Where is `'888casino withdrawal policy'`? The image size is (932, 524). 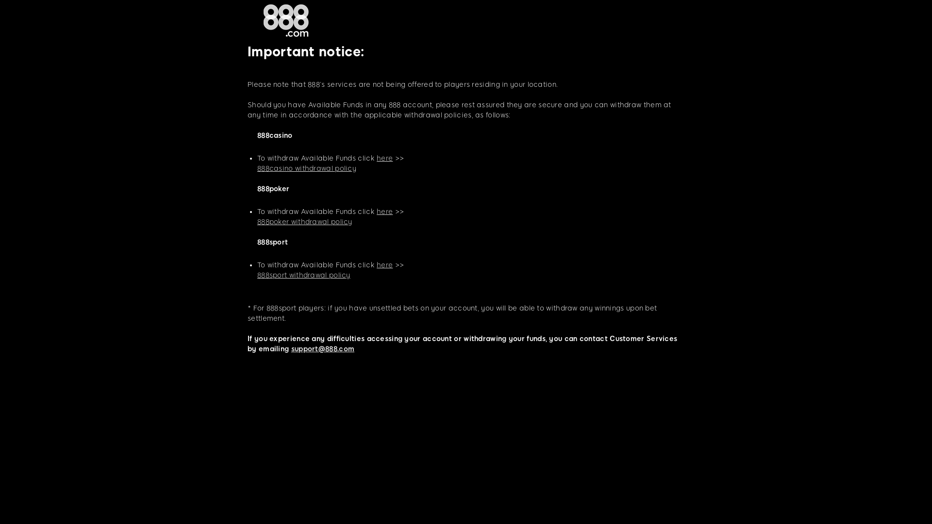 '888casino withdrawal policy' is located at coordinates (257, 168).